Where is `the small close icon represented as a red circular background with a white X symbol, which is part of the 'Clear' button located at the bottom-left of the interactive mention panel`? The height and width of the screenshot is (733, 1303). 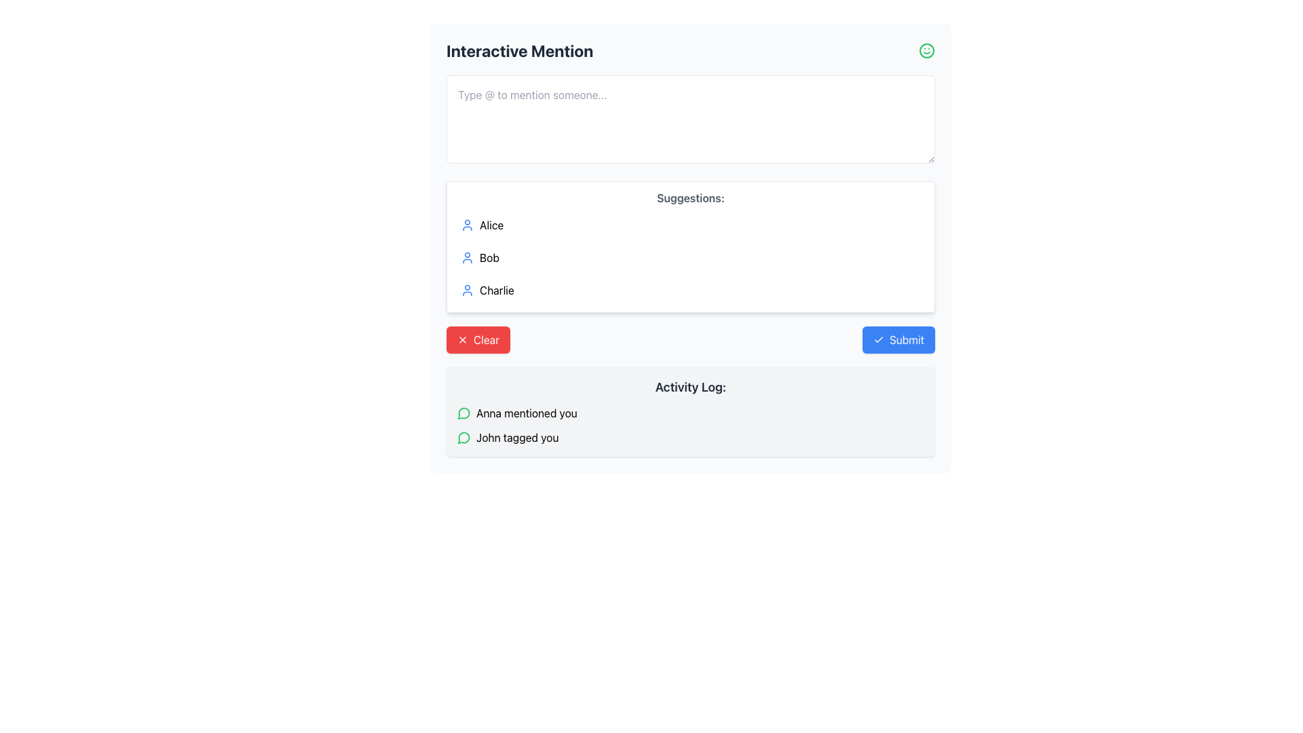 the small close icon represented as a red circular background with a white X symbol, which is part of the 'Clear' button located at the bottom-left of the interactive mention panel is located at coordinates (462, 339).